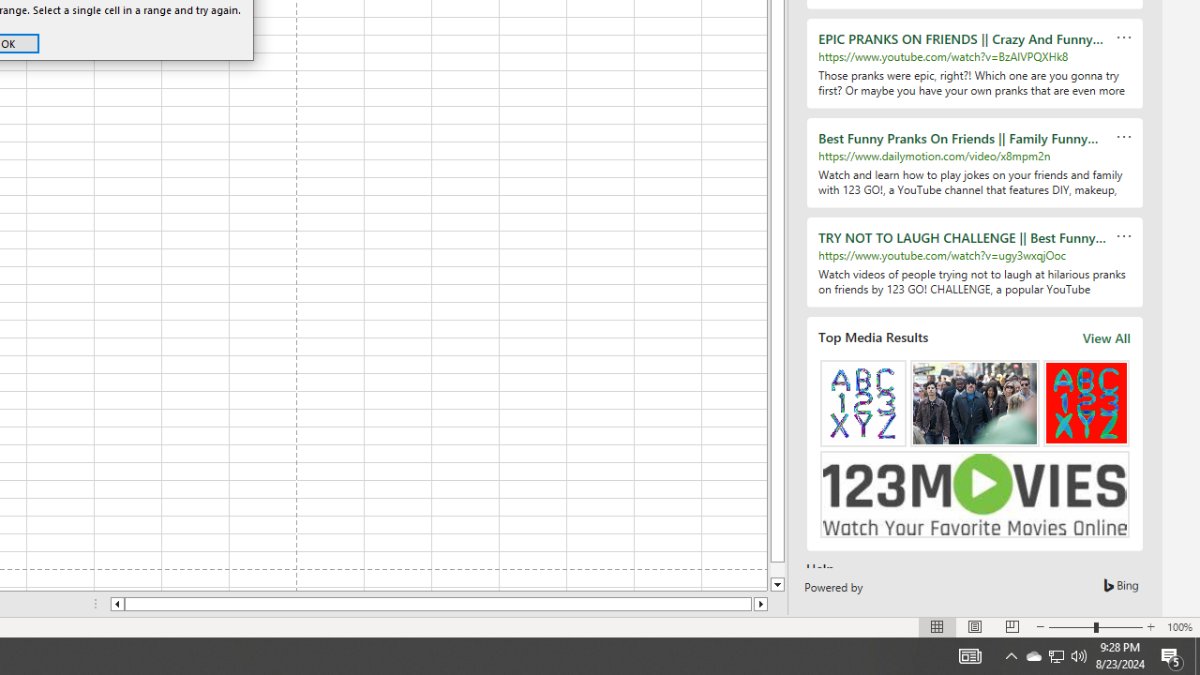 Image resolution: width=1200 pixels, height=675 pixels. What do you see at coordinates (969, 654) in the screenshot?
I see `'AutomationID: 4105'` at bounding box center [969, 654].